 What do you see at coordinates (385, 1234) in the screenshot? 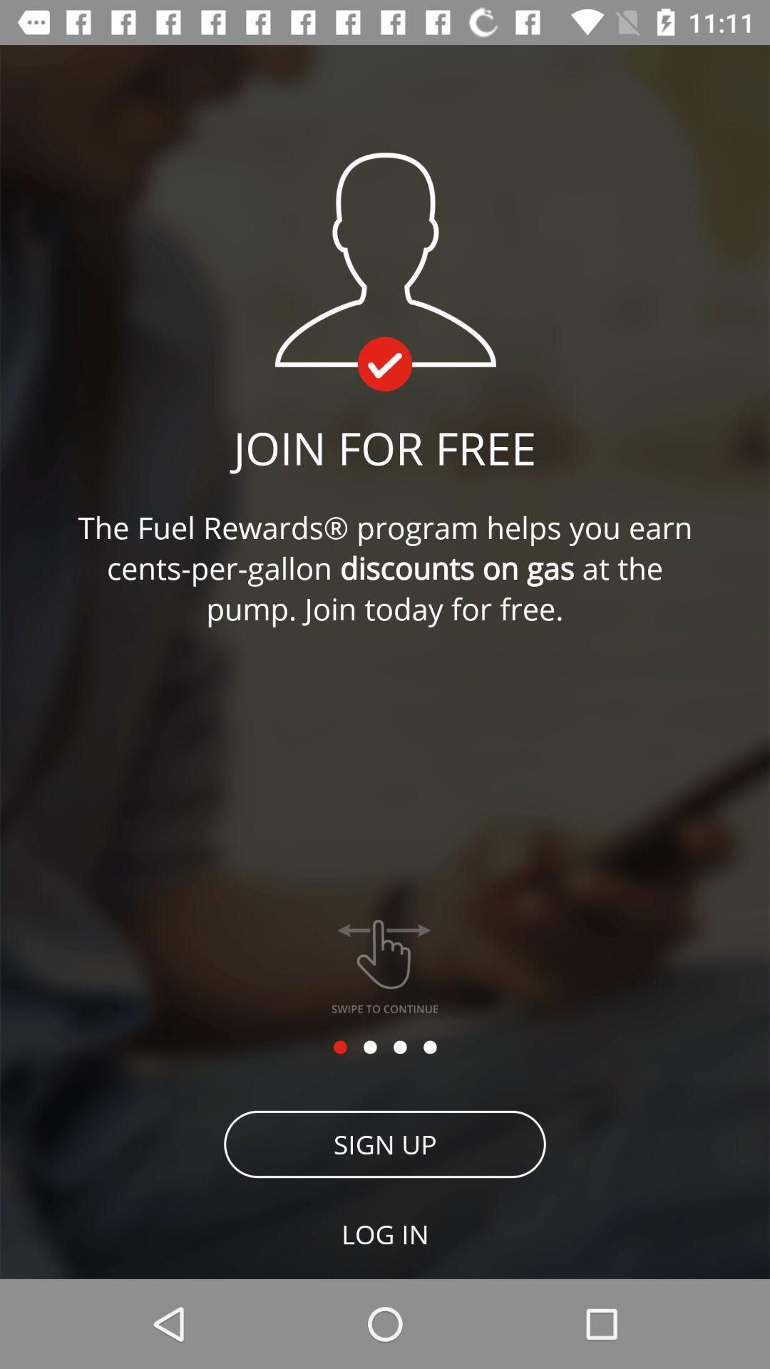
I see `the log in item` at bounding box center [385, 1234].